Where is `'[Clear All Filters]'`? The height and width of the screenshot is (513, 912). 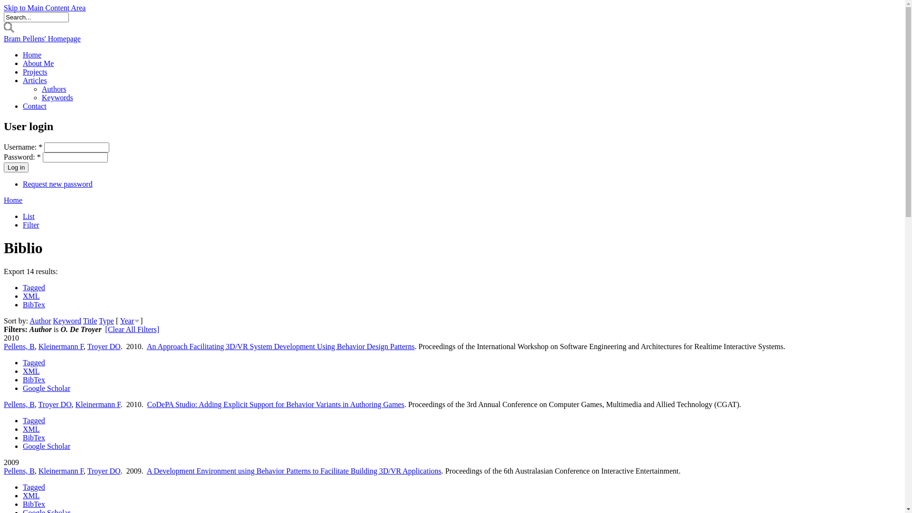 '[Clear All Filters]' is located at coordinates (132, 329).